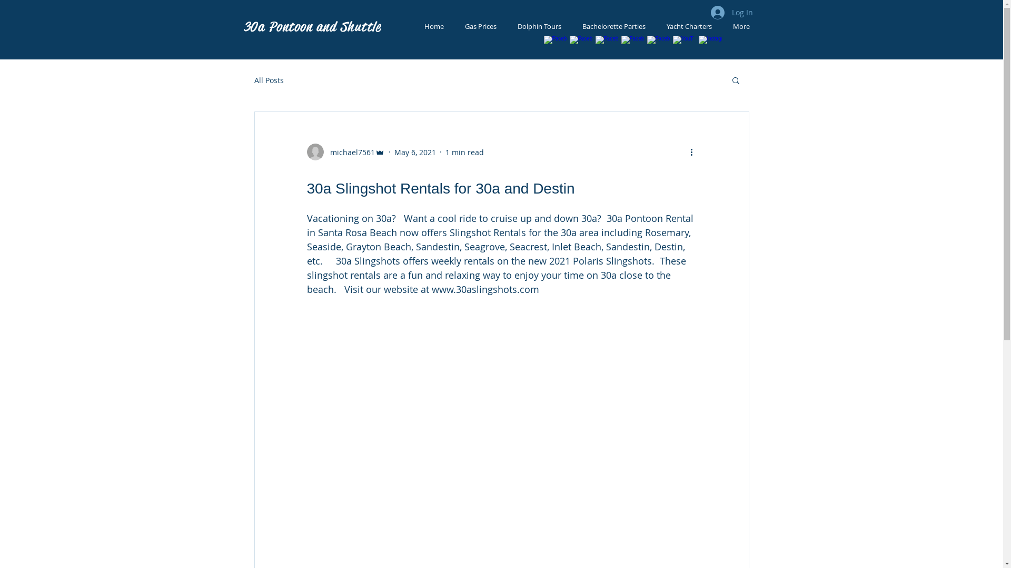 This screenshot has width=1011, height=568. Describe the element at coordinates (506, 26) in the screenshot. I see `'Dolphin Tours'` at that location.